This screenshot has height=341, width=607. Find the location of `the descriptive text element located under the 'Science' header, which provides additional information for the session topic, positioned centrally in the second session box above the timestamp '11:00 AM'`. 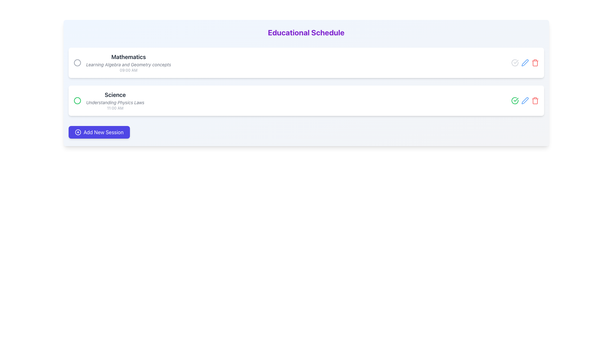

the descriptive text element located under the 'Science' header, which provides additional information for the session topic, positioned centrally in the second session box above the timestamp '11:00 AM' is located at coordinates (115, 102).